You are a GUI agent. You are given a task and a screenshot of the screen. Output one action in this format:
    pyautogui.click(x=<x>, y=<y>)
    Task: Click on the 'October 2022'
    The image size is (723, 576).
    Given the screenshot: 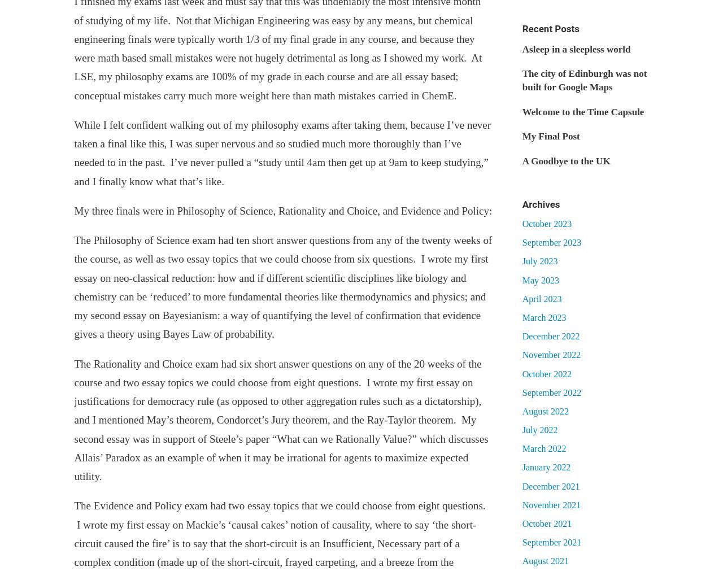 What is the action you would take?
    pyautogui.click(x=547, y=373)
    